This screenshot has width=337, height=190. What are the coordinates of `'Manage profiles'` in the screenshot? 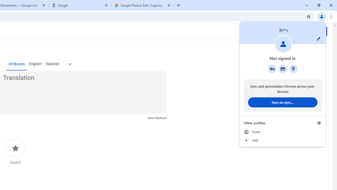 It's located at (319, 123).